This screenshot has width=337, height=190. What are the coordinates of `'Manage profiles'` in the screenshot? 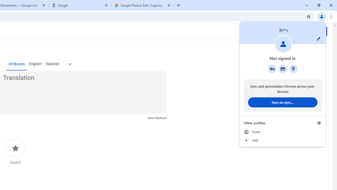 It's located at (319, 123).